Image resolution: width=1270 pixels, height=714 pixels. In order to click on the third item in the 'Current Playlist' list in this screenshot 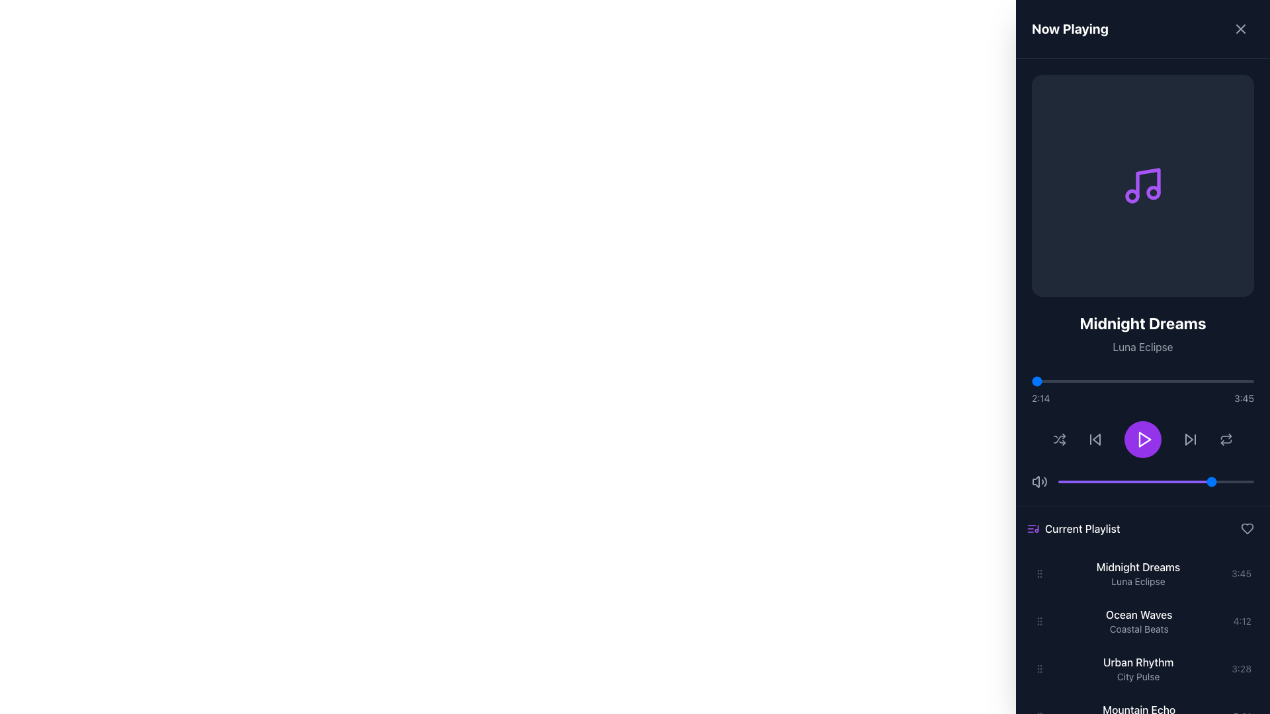, I will do `click(1142, 668)`.